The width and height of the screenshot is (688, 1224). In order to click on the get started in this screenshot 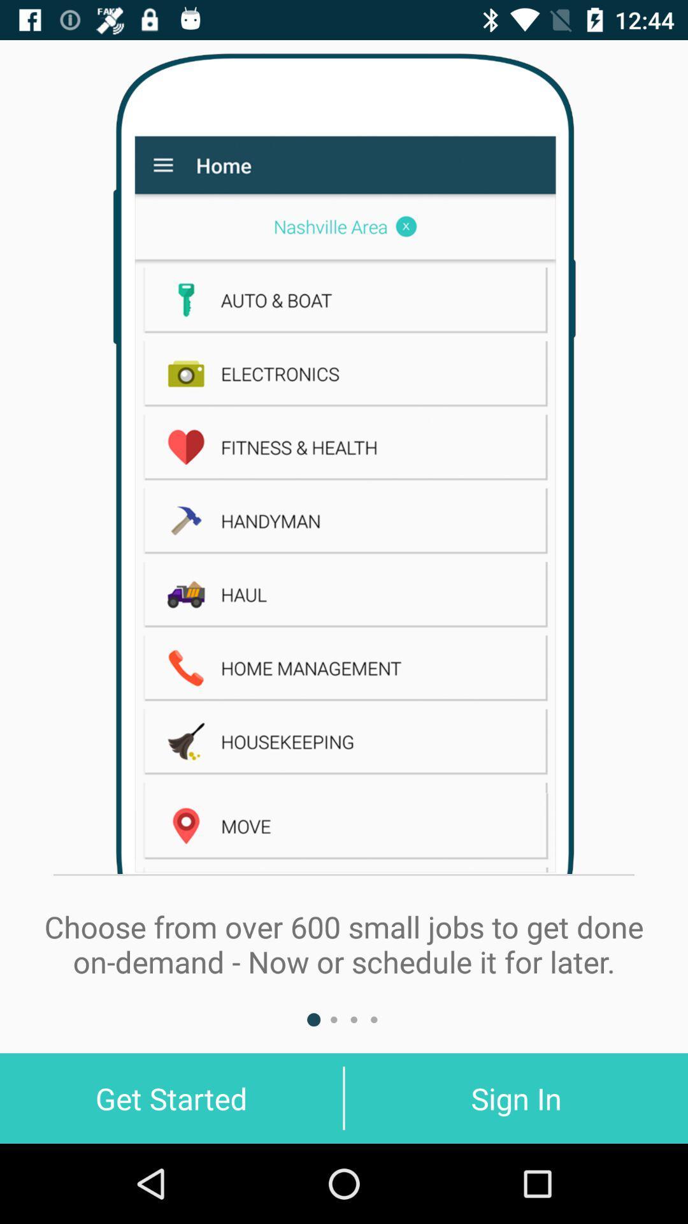, I will do `click(171, 1098)`.